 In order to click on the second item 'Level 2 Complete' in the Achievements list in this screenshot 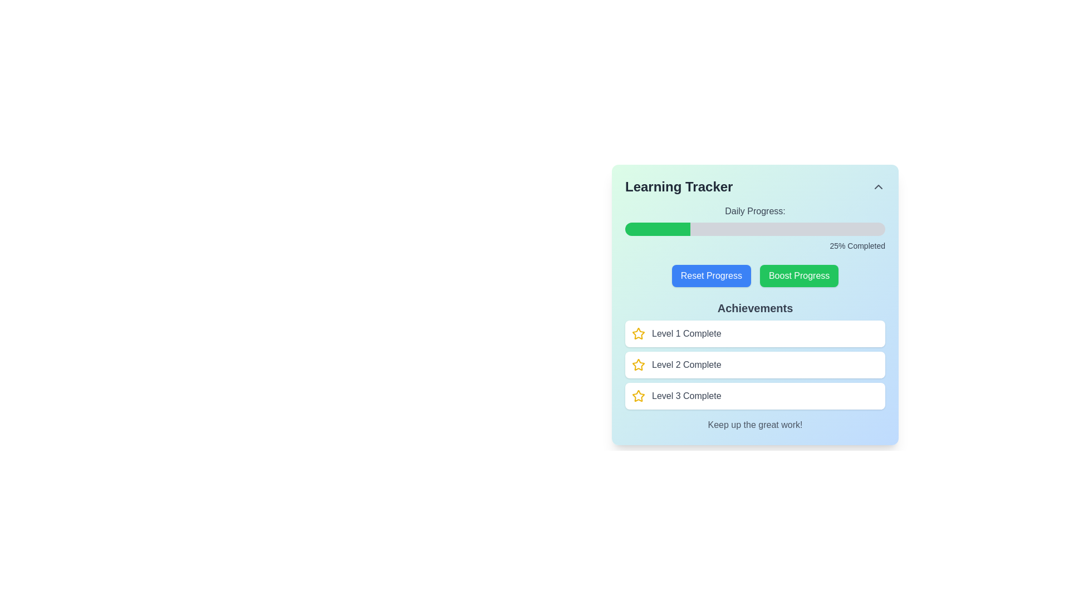, I will do `click(755, 354)`.